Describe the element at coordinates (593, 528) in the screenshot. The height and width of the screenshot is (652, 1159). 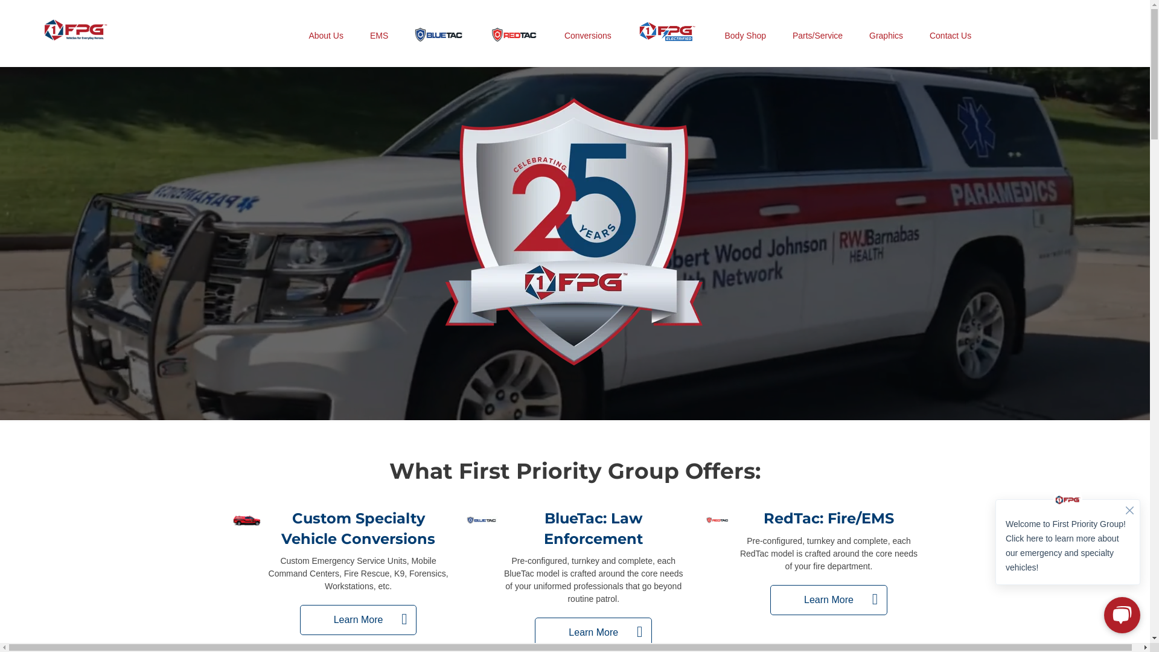
I see `'BlueTac: Law Enforcement'` at that location.